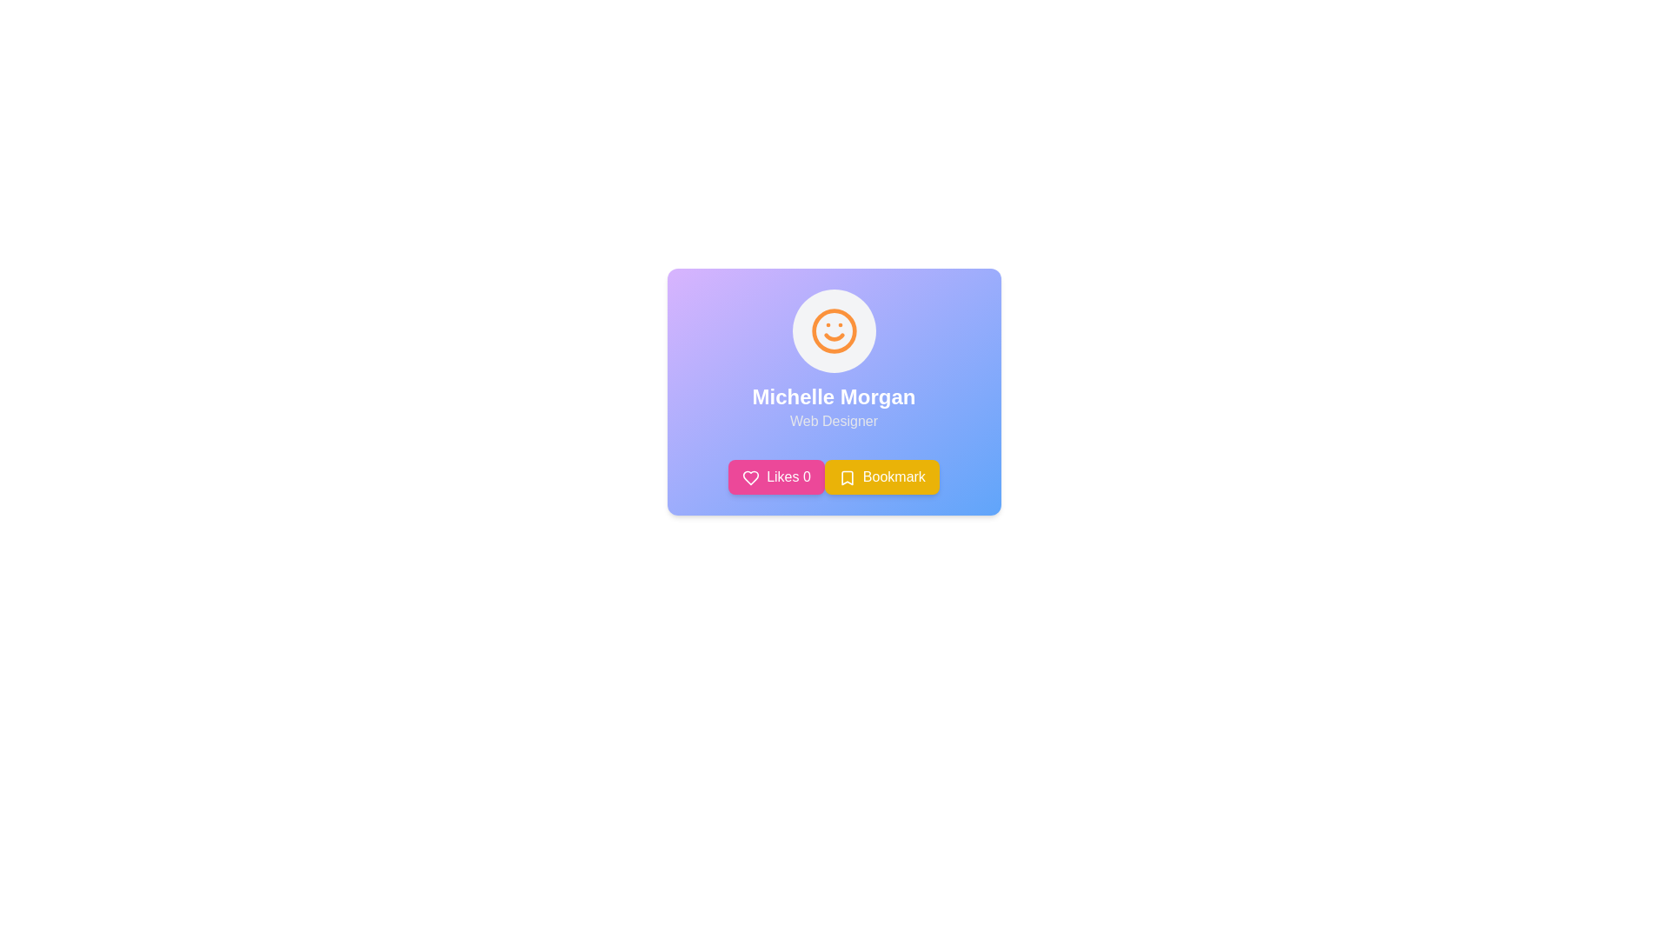 The width and height of the screenshot is (1669, 939). I want to click on the text label displaying the name 'Michelle Morgan', which is in a bold and large font and positioned above the 'Web Designer' subtitle on the card, so click(833, 396).